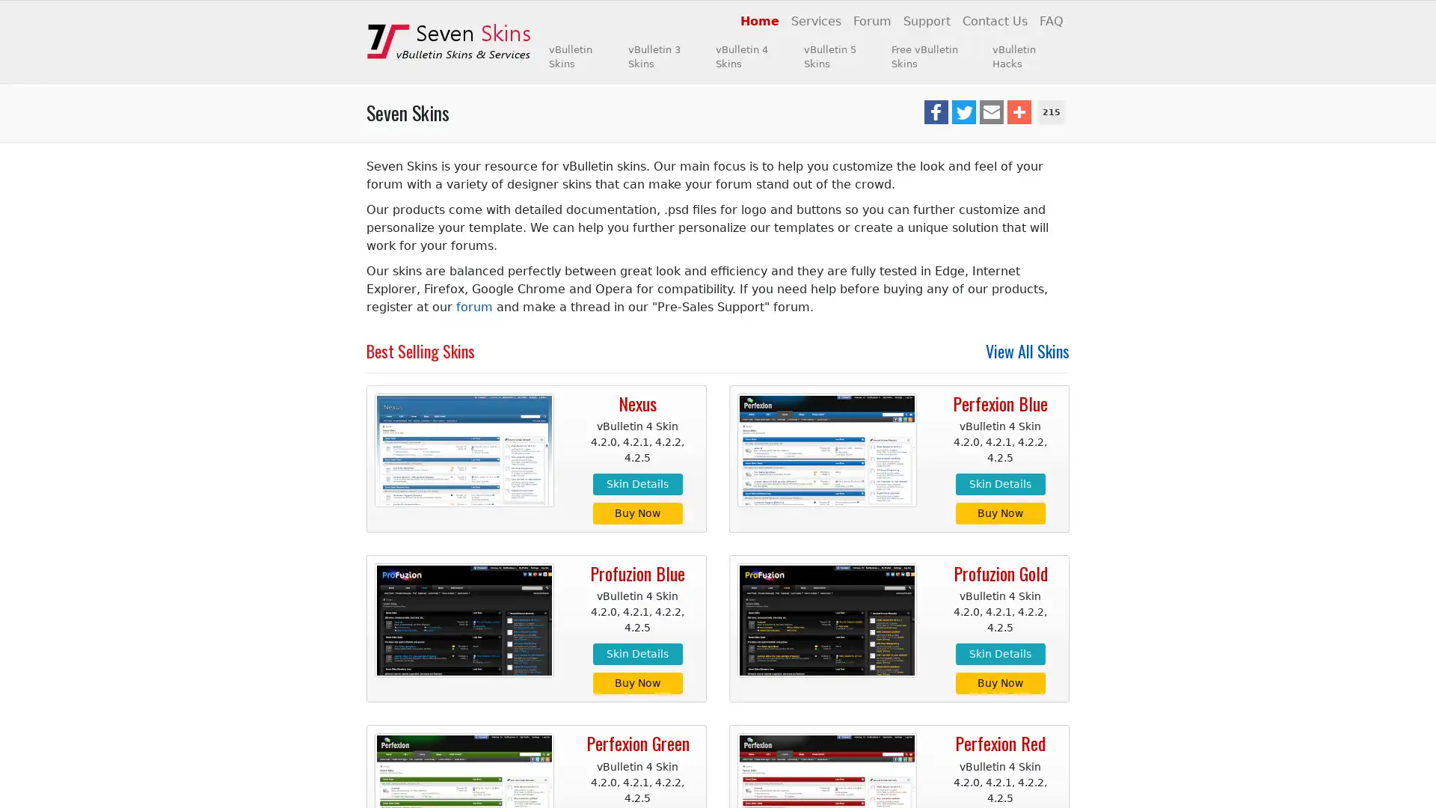  I want to click on Buy Now, so click(636, 683).